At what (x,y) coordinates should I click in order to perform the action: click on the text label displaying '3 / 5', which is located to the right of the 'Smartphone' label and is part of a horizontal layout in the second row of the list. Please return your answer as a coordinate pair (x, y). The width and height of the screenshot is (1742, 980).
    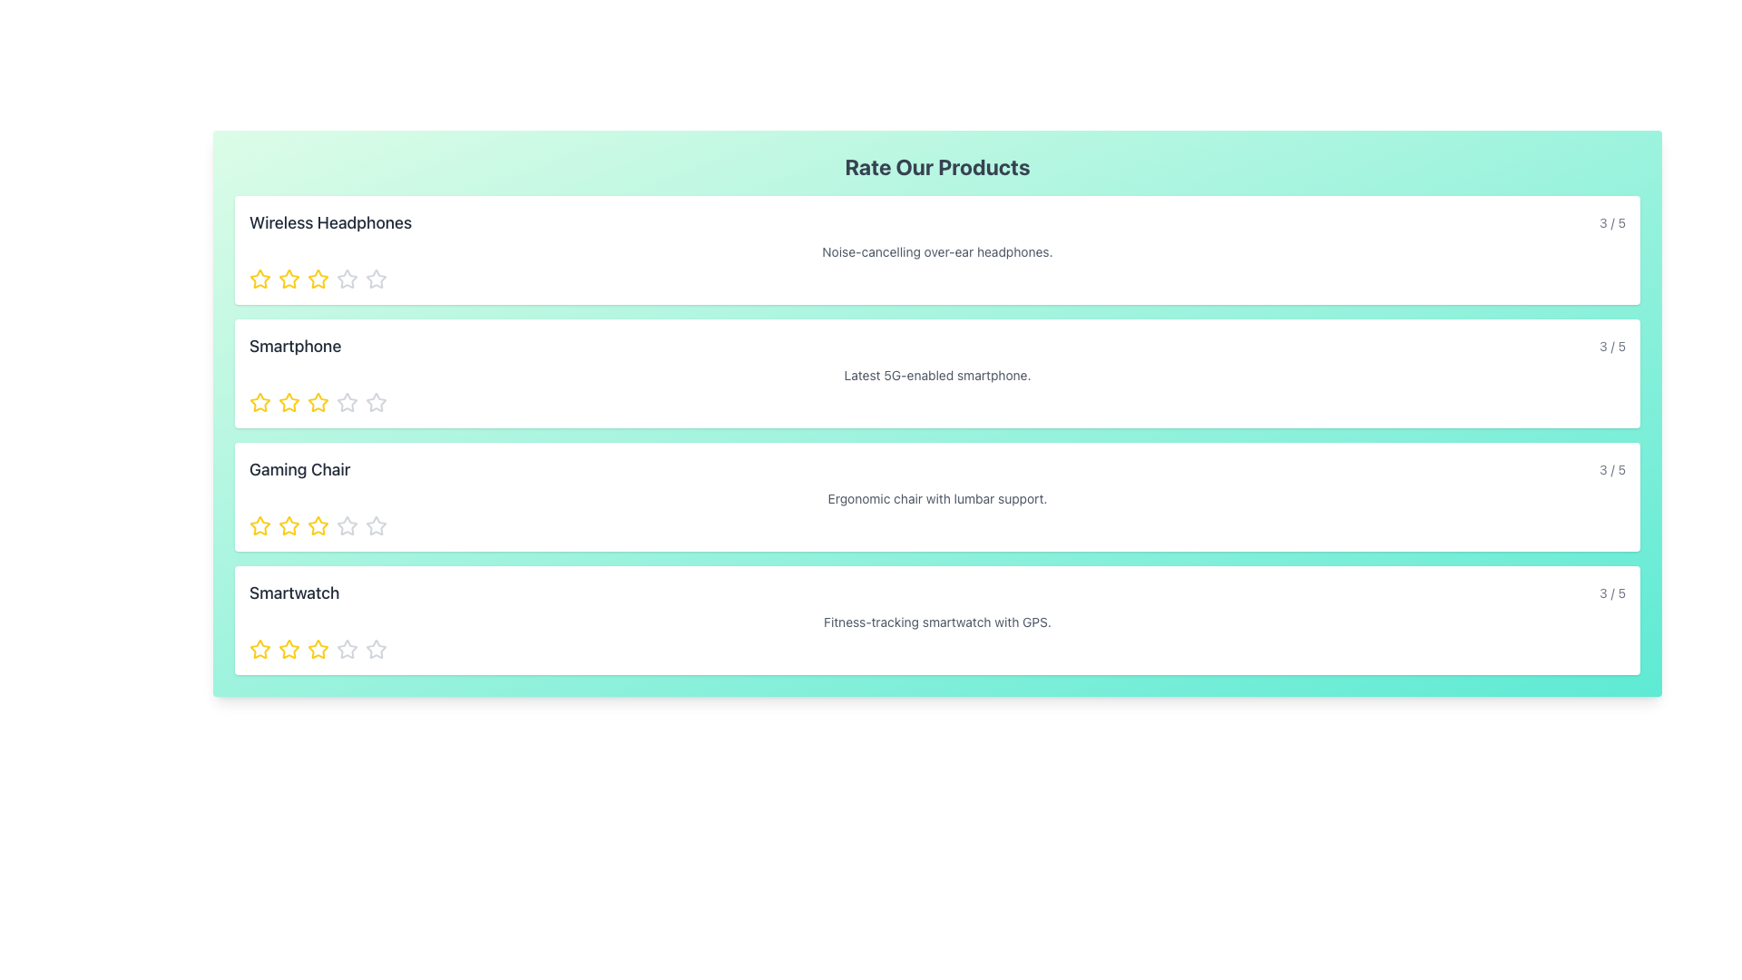
    Looking at the image, I should click on (1612, 346).